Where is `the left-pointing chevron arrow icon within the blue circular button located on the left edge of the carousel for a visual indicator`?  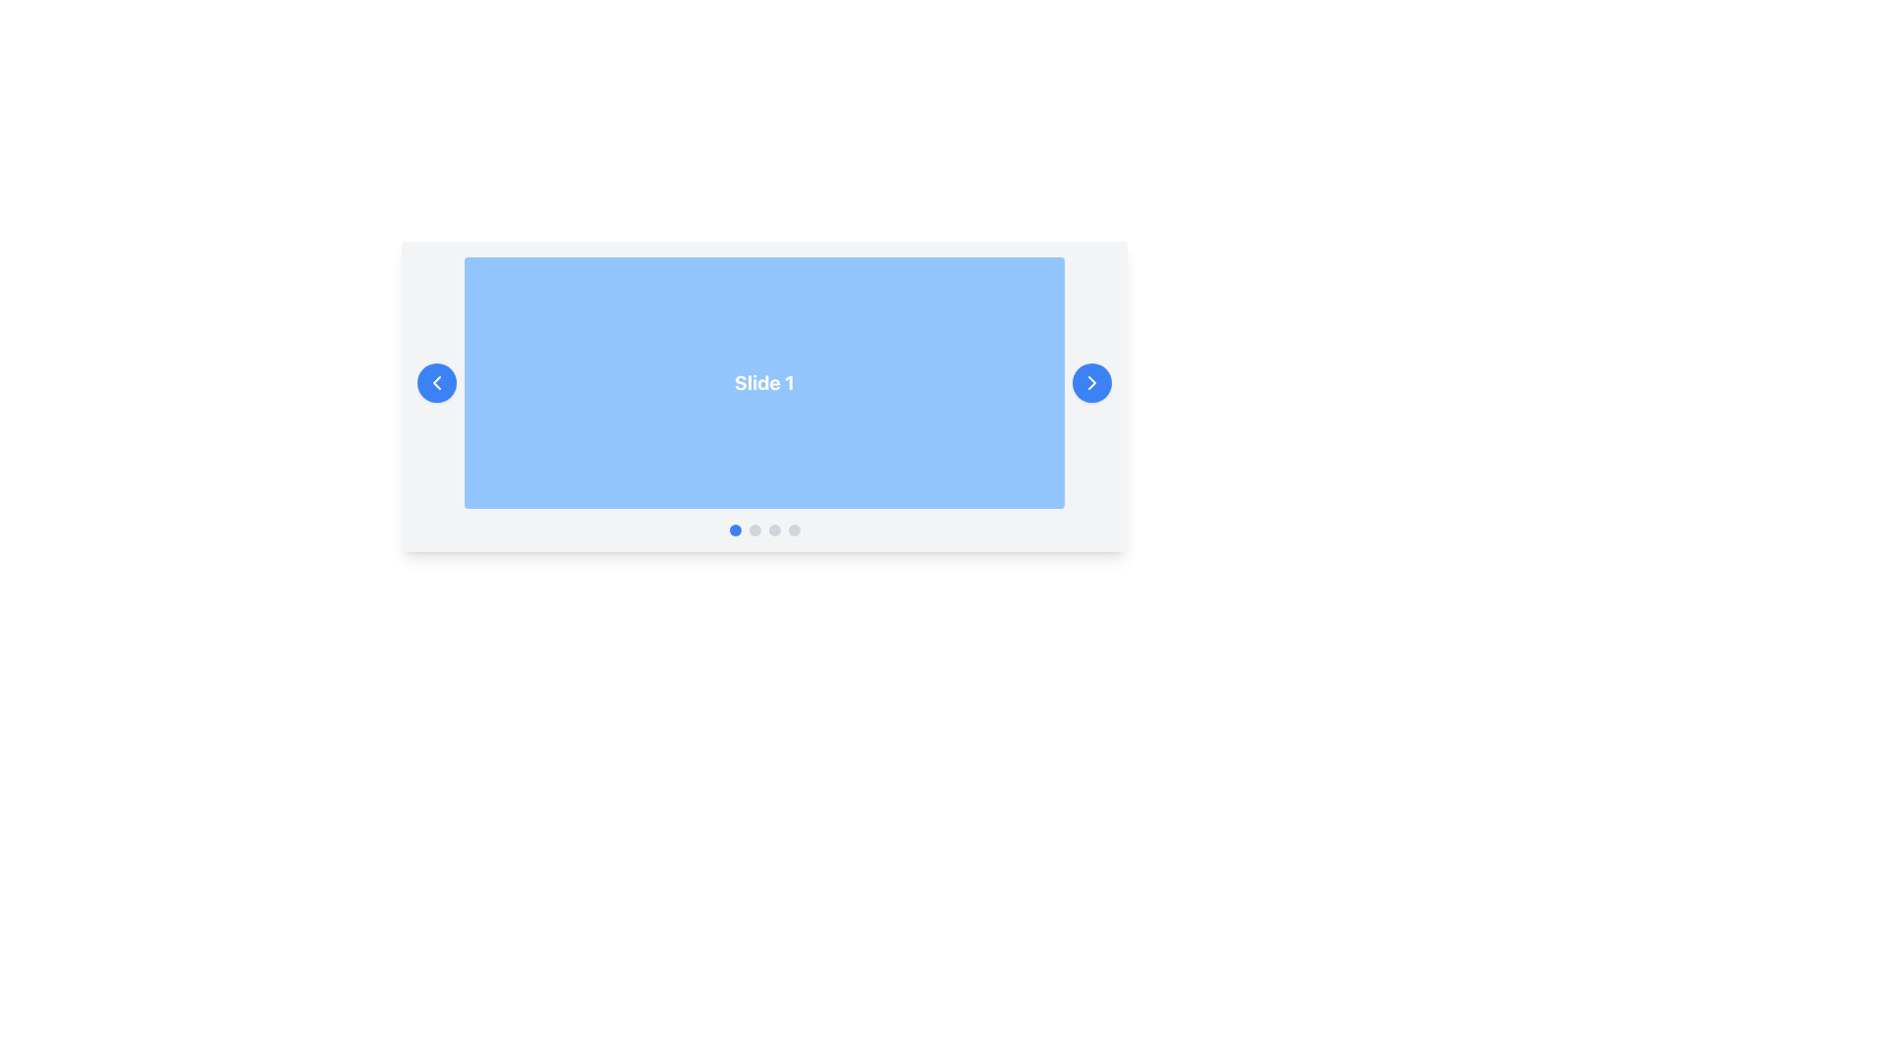
the left-pointing chevron arrow icon within the blue circular button located on the left edge of the carousel for a visual indicator is located at coordinates (436, 382).